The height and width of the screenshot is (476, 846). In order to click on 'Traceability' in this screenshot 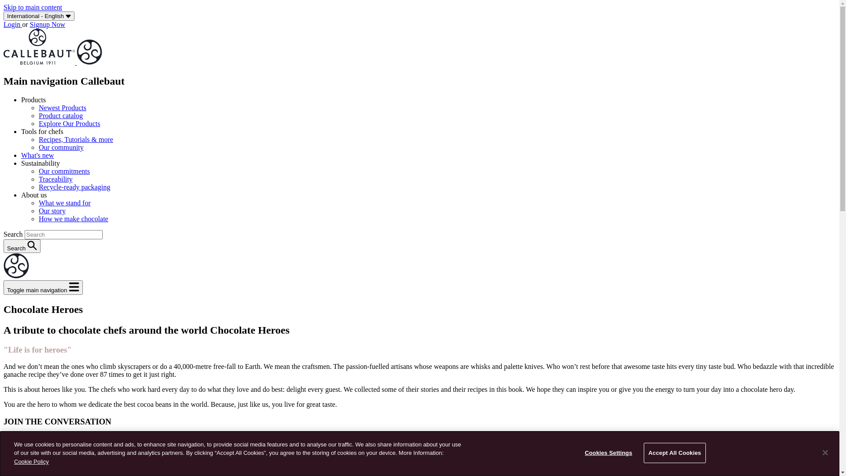, I will do `click(55, 178)`.